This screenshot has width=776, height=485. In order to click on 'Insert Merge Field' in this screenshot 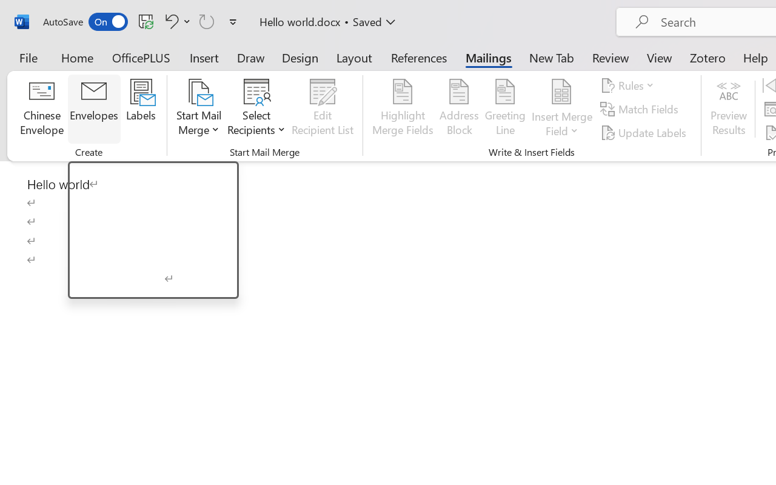, I will do `click(561, 92)`.